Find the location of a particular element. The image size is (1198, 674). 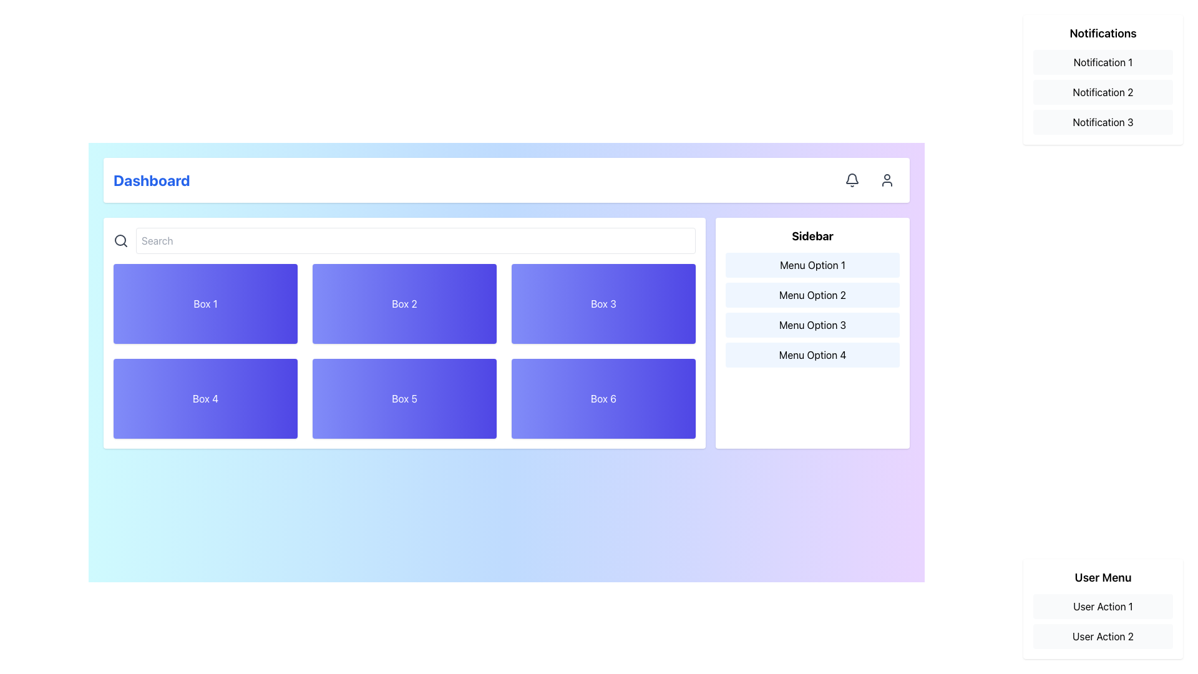

the search icon located at the top-left corner of the search bar, which symbolizes the search functionality is located at coordinates (120, 240).